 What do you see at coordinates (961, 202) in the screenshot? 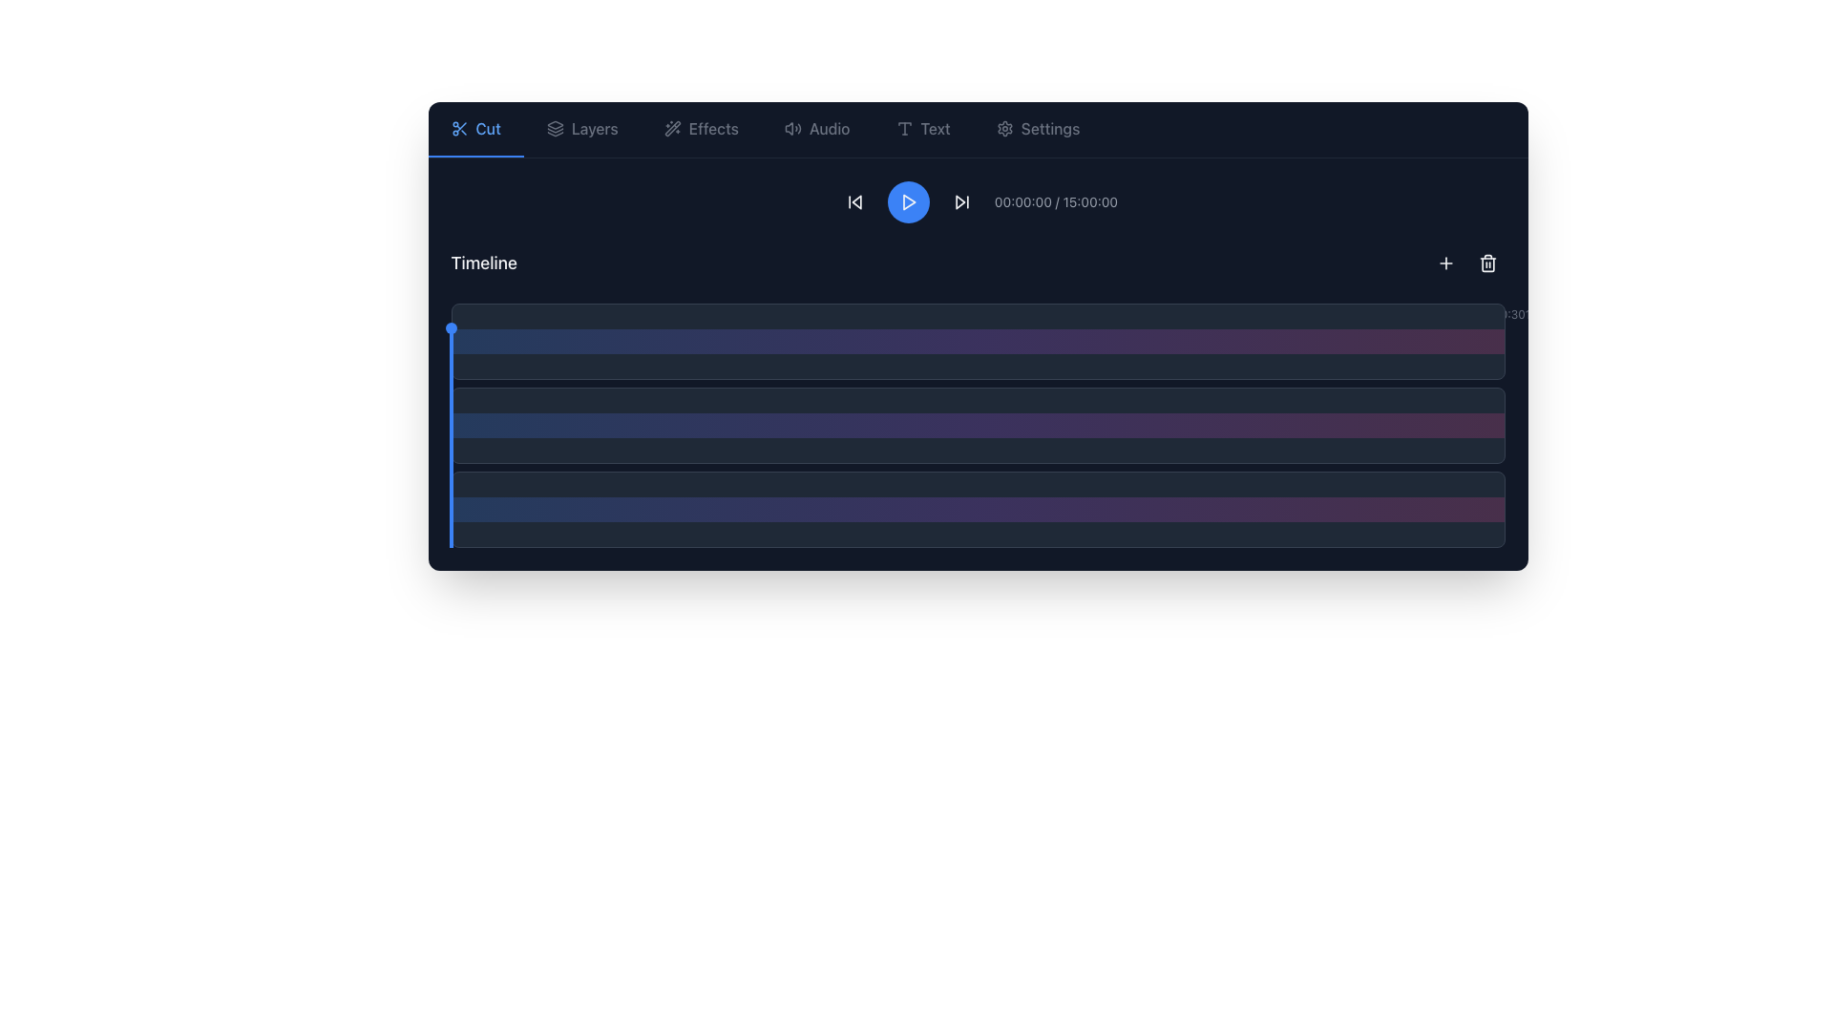
I see `the fourth interactive button in the control set at the top bar, located immediately to the right of the blue circular 'play' button, to skip forward in the playback sequence` at bounding box center [961, 202].